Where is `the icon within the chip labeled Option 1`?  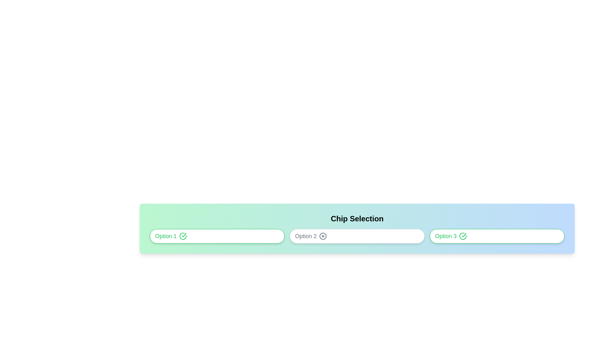
the icon within the chip labeled Option 1 is located at coordinates (183, 236).